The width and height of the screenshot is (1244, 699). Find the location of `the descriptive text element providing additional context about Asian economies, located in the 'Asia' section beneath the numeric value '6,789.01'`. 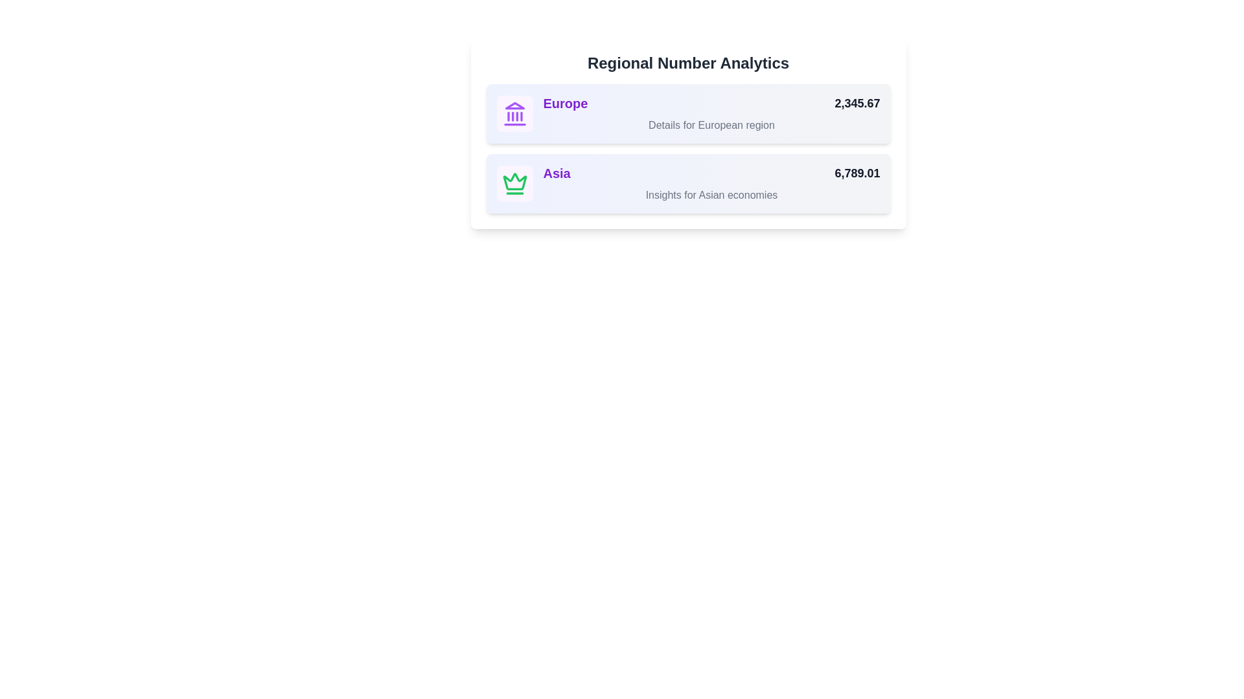

the descriptive text element providing additional context about Asian economies, located in the 'Asia' section beneath the numeric value '6,789.01' is located at coordinates (711, 195).